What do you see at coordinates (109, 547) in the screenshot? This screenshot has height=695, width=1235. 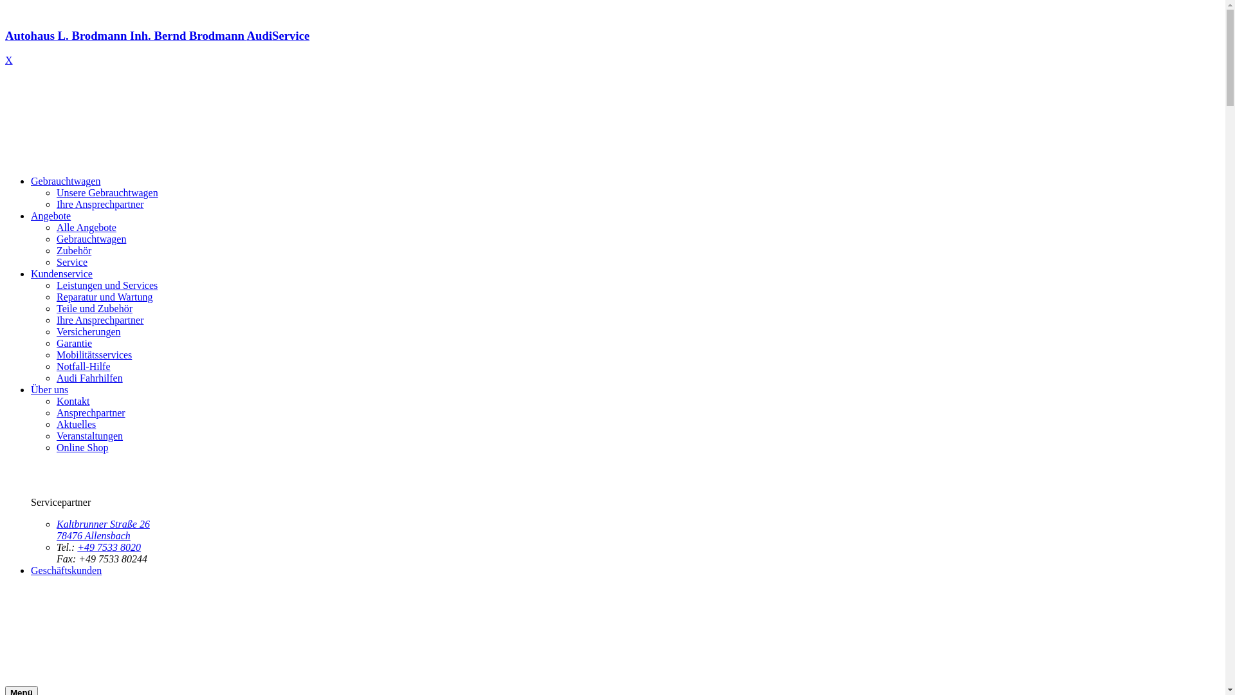 I see `'+49 7533 8020'` at bounding box center [109, 547].